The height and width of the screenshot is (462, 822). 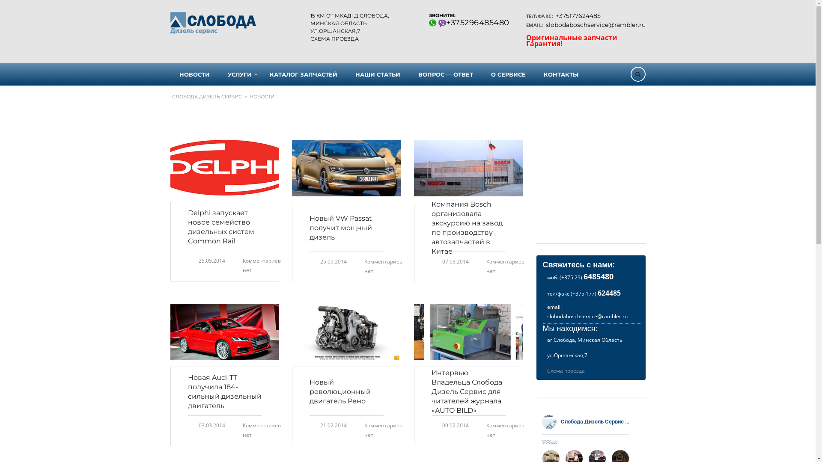 What do you see at coordinates (595, 293) in the screenshot?
I see `'(+375 177) 624485'` at bounding box center [595, 293].